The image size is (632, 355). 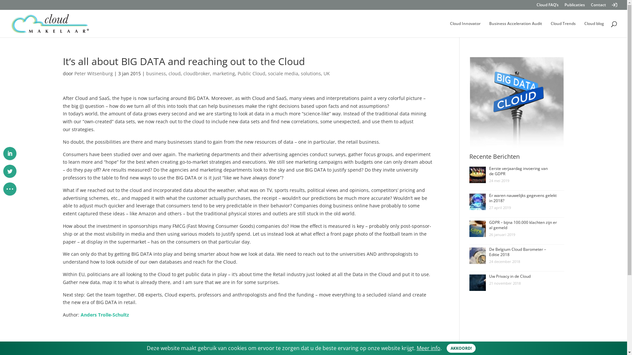 What do you see at coordinates (196, 73) in the screenshot?
I see `'cloudbroker'` at bounding box center [196, 73].